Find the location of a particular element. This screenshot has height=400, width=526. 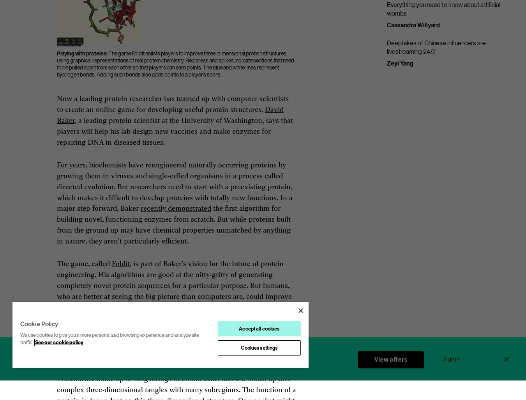

'The game, called' is located at coordinates (84, 264).